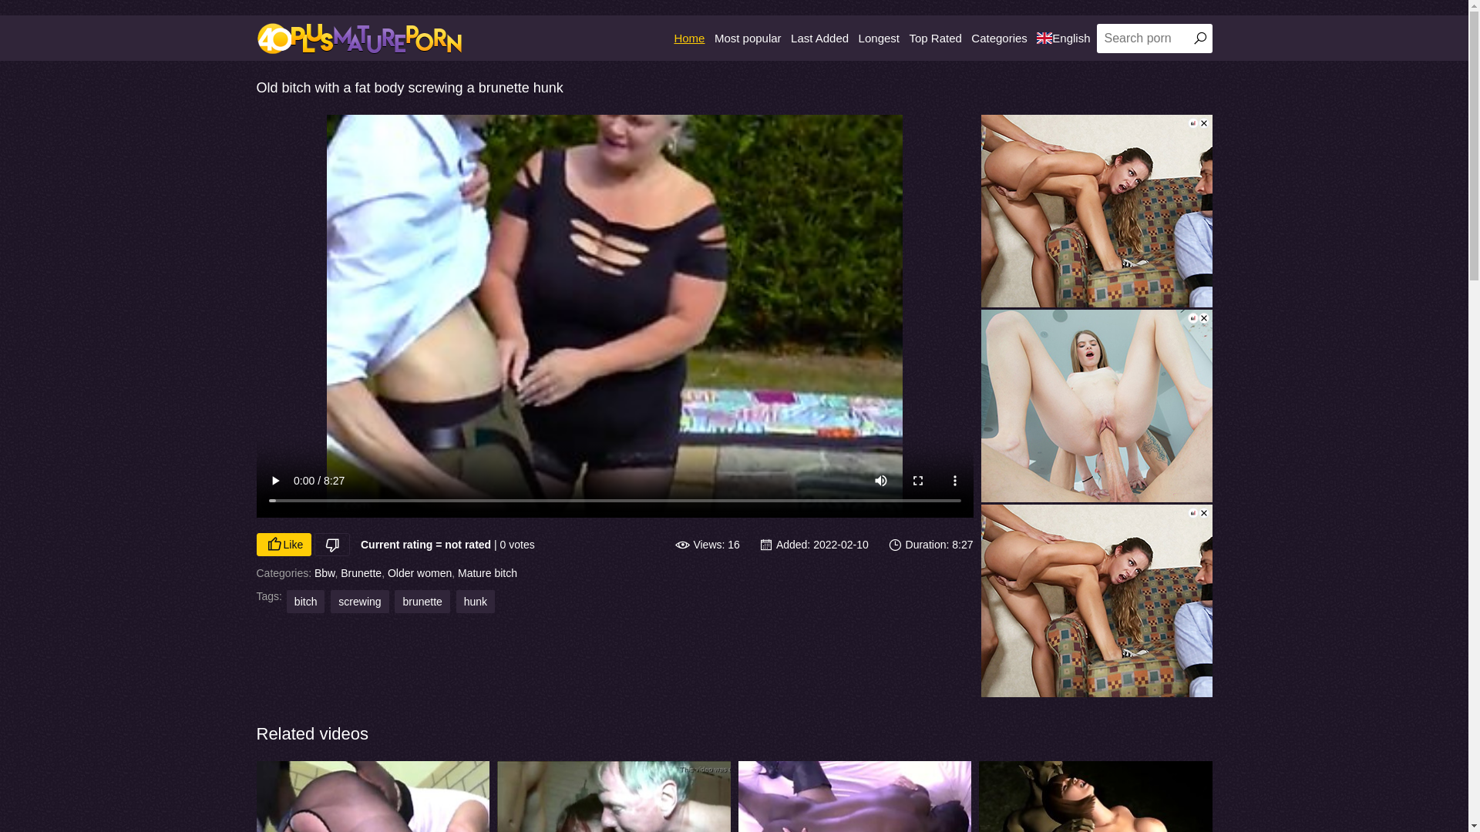 The height and width of the screenshot is (832, 1480). Describe the element at coordinates (879, 38) in the screenshot. I see `'Longest'` at that location.